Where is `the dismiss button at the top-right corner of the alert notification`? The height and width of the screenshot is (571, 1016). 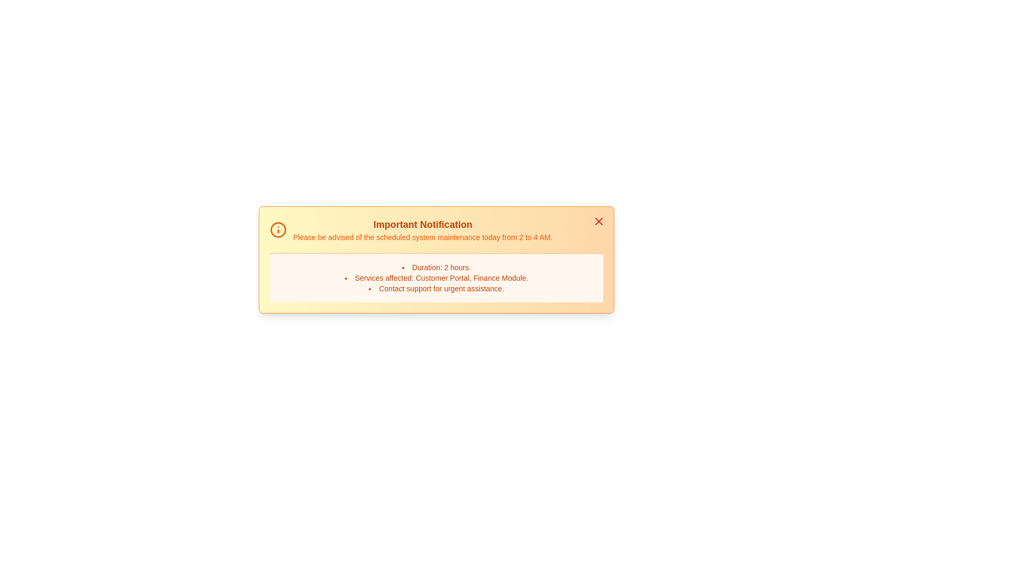
the dismiss button at the top-right corner of the alert notification is located at coordinates (599, 221).